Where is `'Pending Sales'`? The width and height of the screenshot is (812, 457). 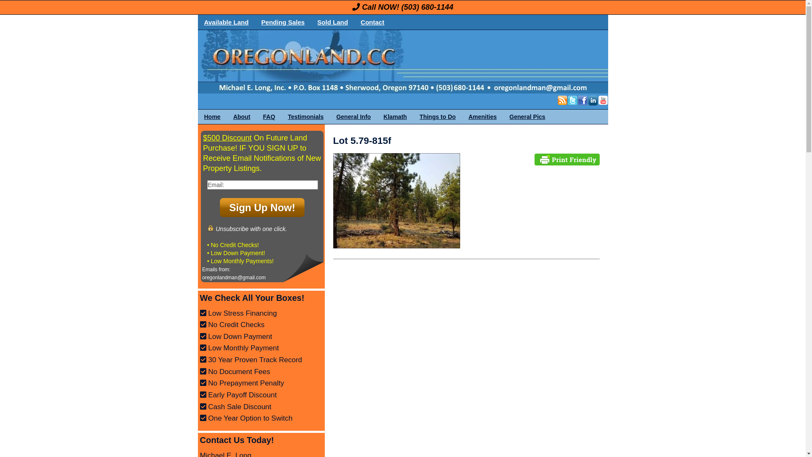
'Pending Sales' is located at coordinates (255, 22).